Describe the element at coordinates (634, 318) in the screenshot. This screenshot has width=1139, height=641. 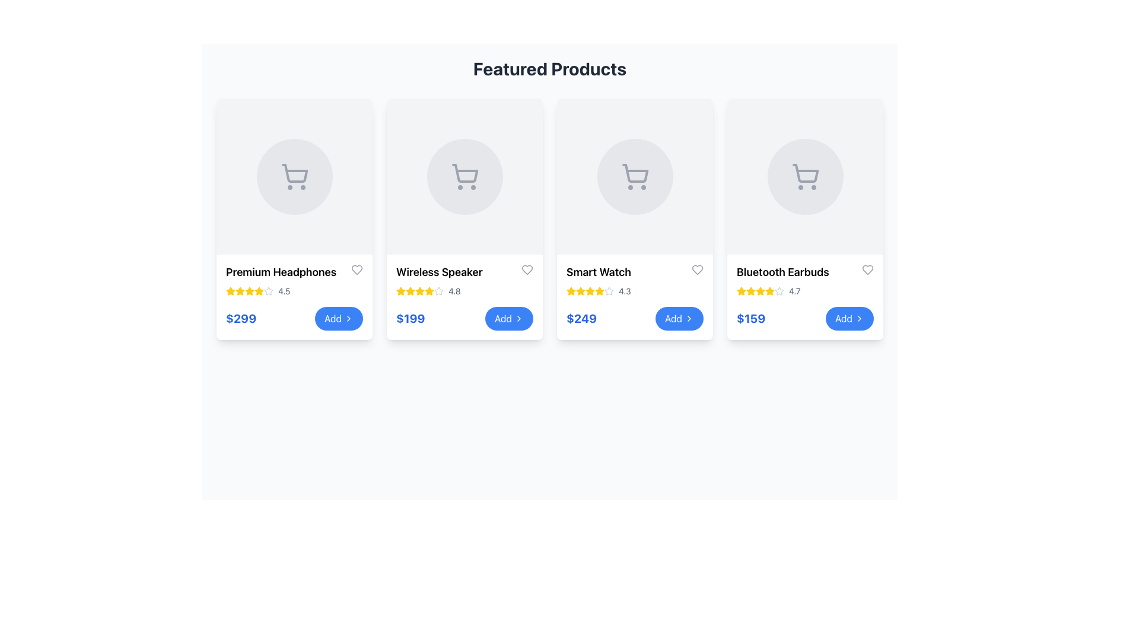
I see `the 'Add' button for the 'Smart Watch' product in the third product card` at that location.